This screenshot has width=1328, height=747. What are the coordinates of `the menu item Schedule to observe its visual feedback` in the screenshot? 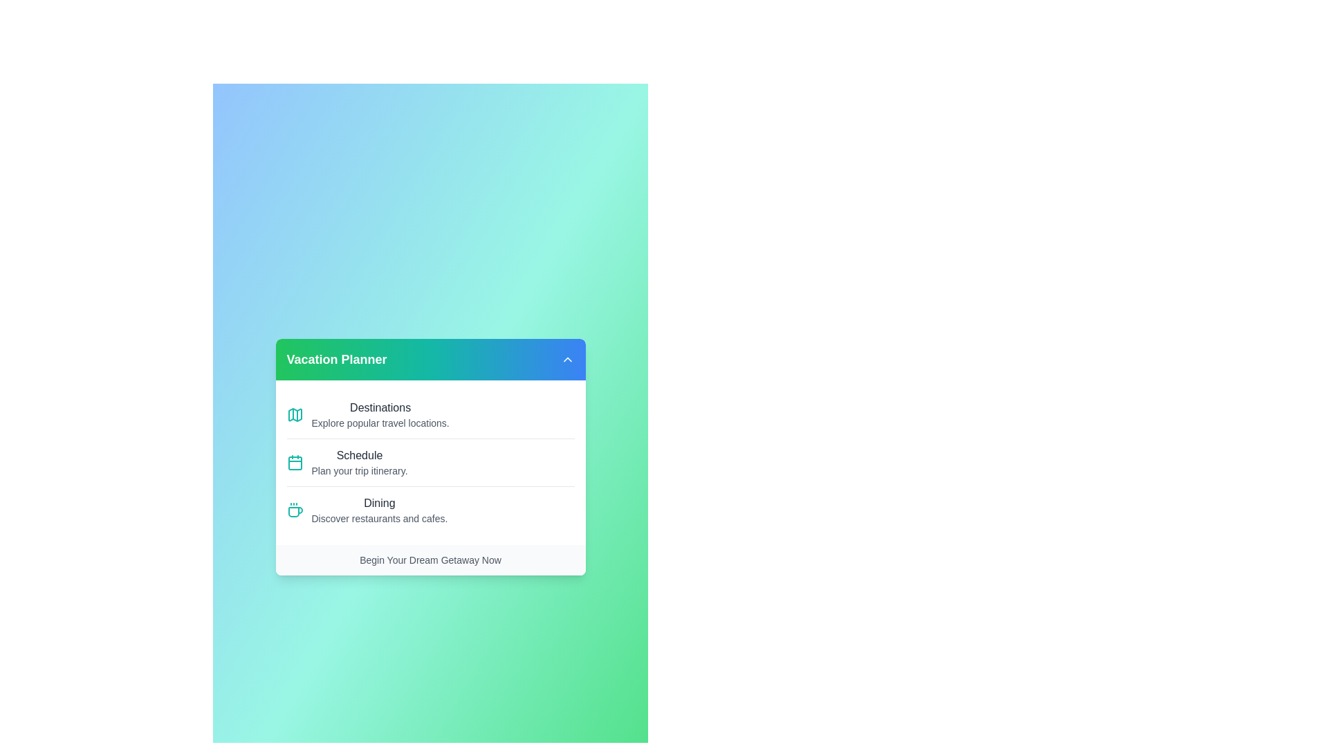 It's located at (430, 462).